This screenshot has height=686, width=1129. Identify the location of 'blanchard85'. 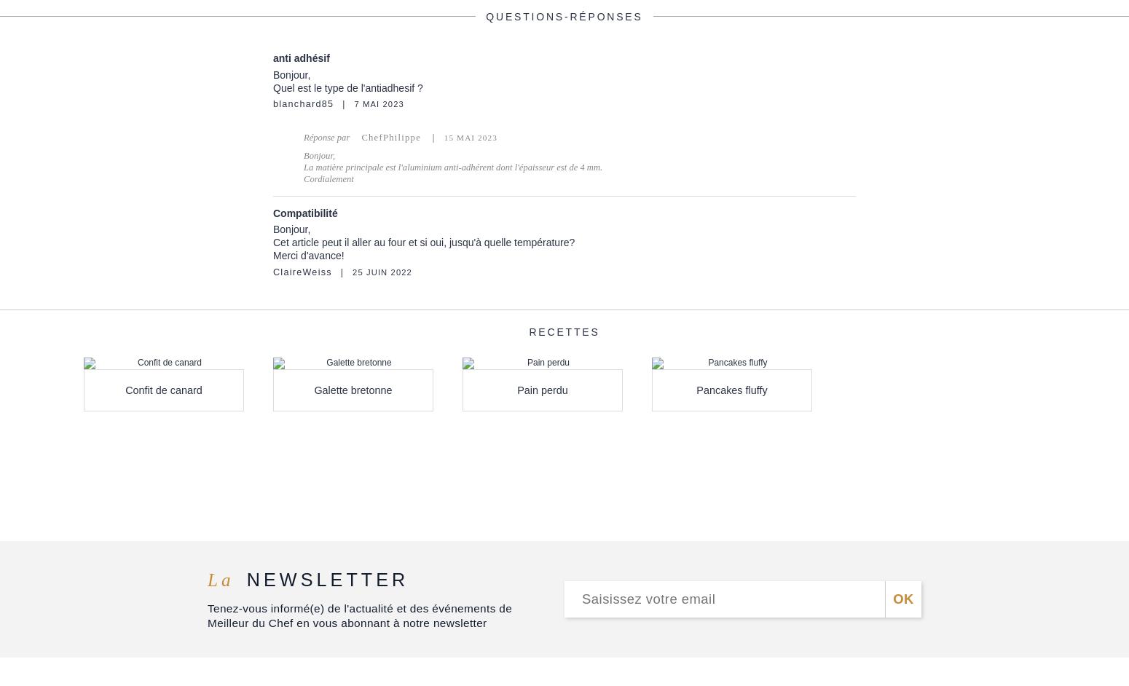
(303, 103).